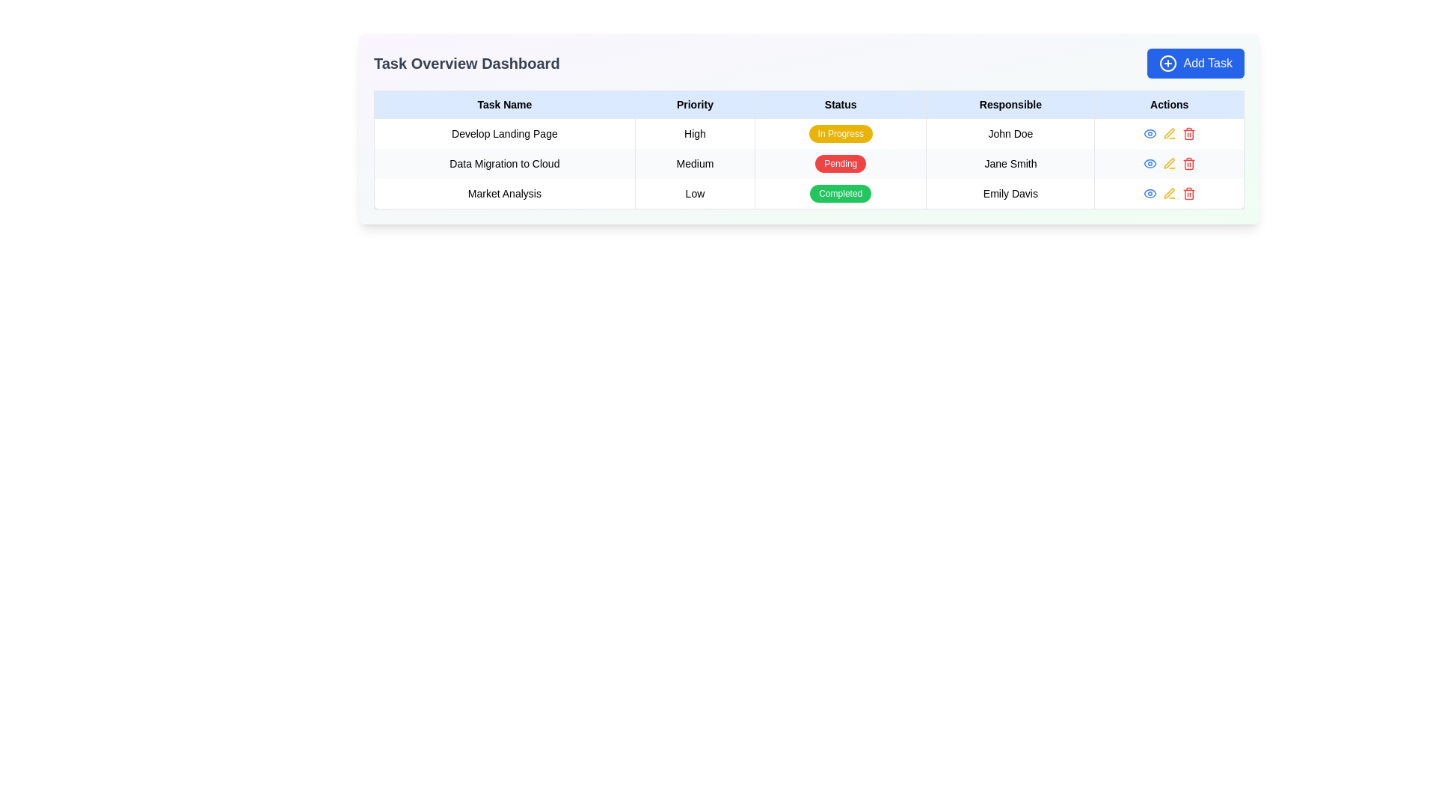  What do you see at coordinates (694, 103) in the screenshot?
I see `the 'Priority' table header item that displays the text in bold black font against a light blue background` at bounding box center [694, 103].